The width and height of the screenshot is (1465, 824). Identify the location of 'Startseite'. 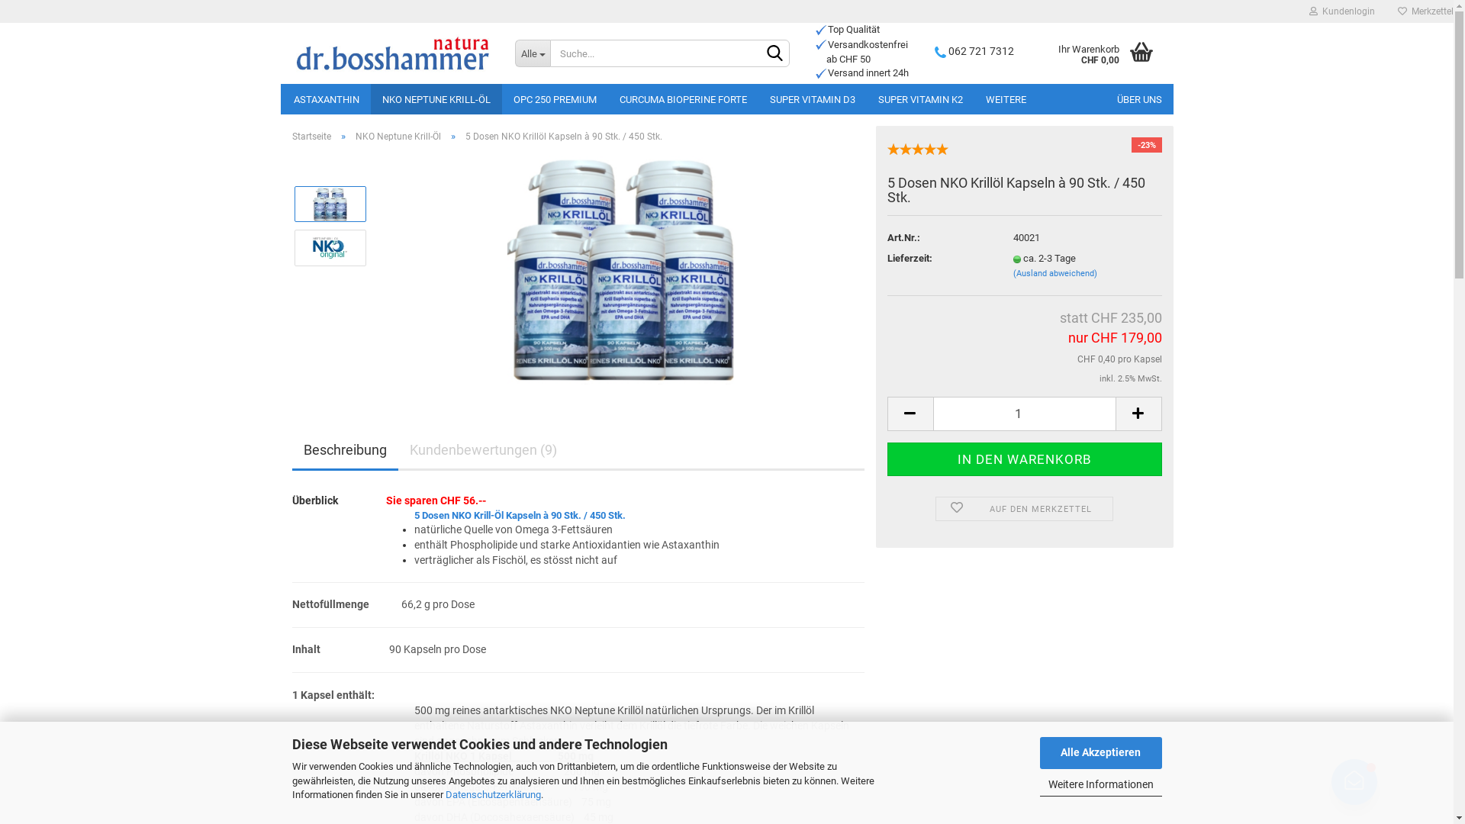
(310, 135).